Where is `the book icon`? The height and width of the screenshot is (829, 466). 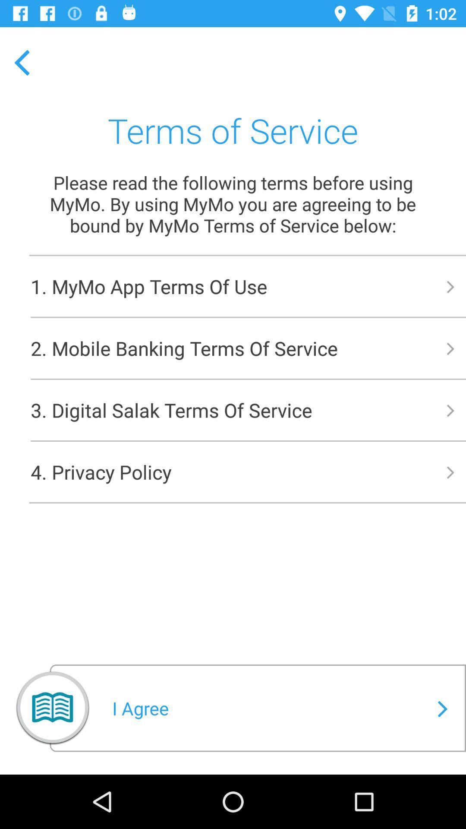
the book icon is located at coordinates (53, 711).